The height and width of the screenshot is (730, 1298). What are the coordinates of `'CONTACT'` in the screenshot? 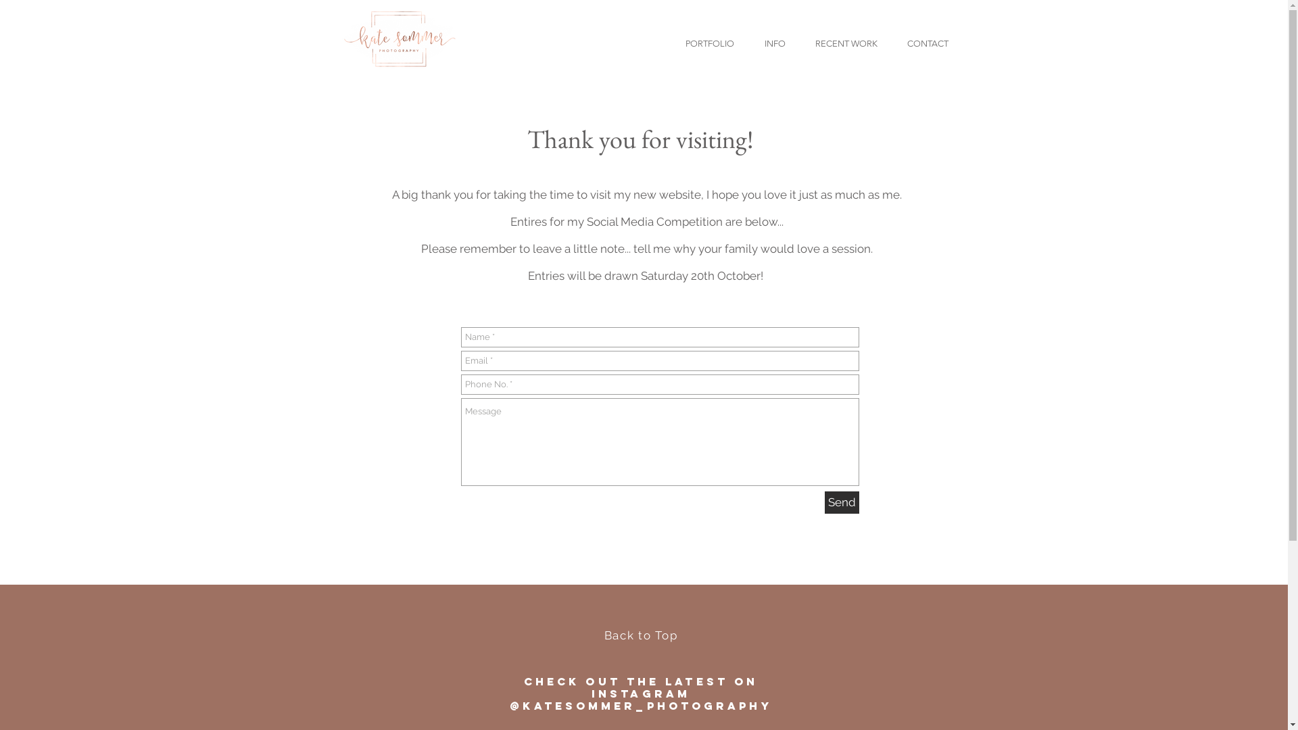 It's located at (927, 36).